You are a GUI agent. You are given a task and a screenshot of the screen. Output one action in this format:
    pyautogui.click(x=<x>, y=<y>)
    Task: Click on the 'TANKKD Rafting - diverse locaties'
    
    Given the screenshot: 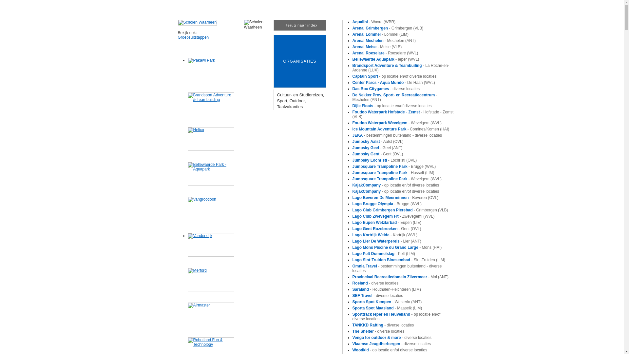 What is the action you would take?
    pyautogui.click(x=383, y=325)
    